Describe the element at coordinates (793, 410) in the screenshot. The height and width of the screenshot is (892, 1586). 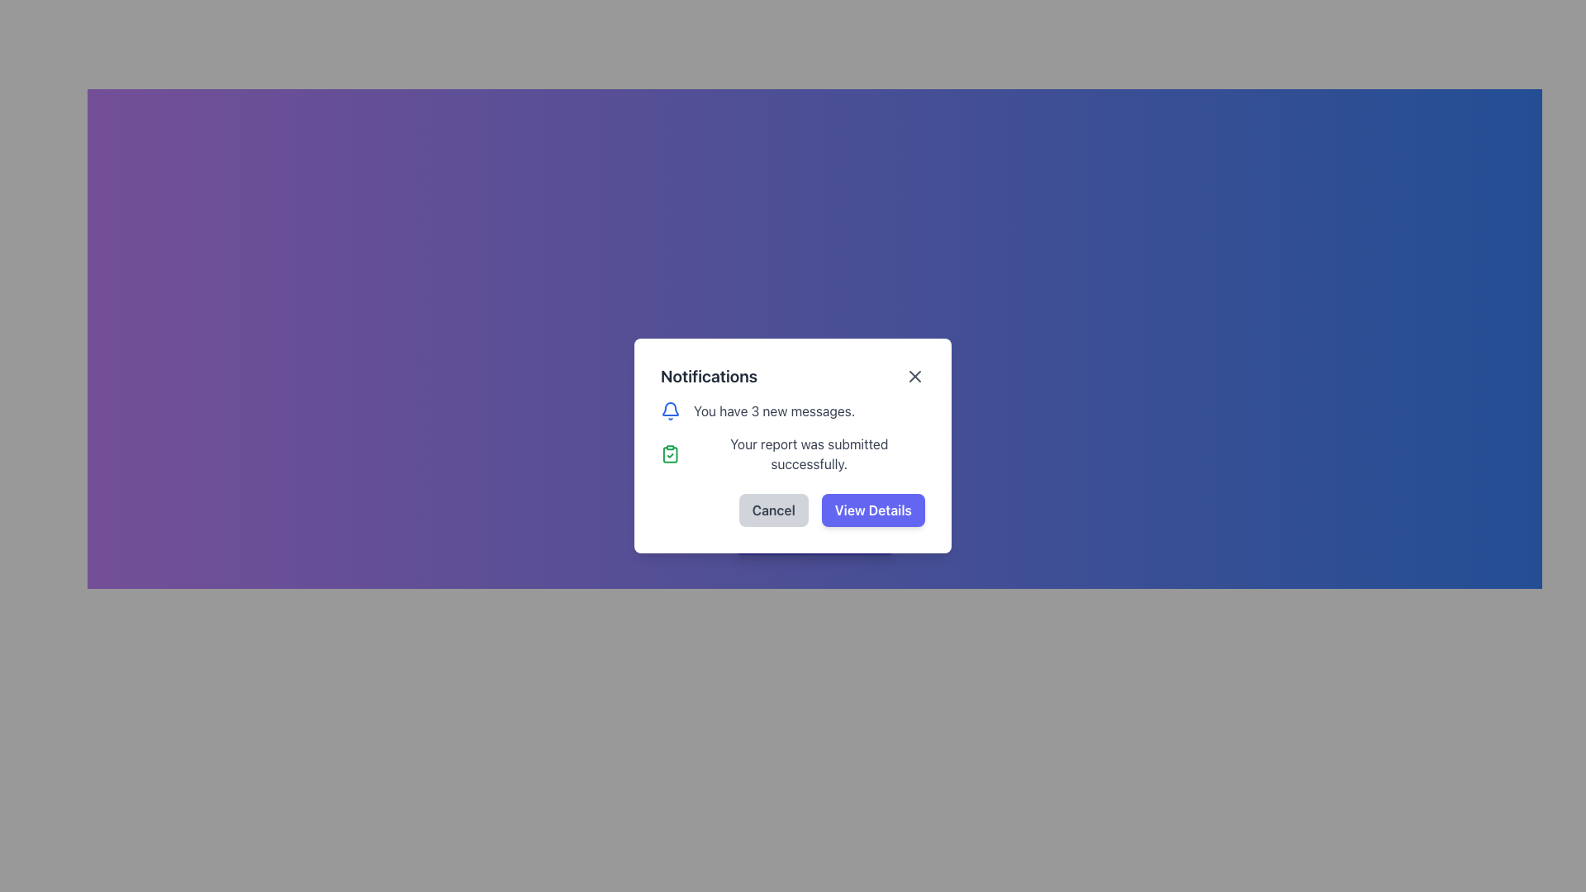
I see `the Text with Icon element that displays 'You have 3 new messages.' with a blue bell icon, positioned centrally in the modal dialog` at that location.